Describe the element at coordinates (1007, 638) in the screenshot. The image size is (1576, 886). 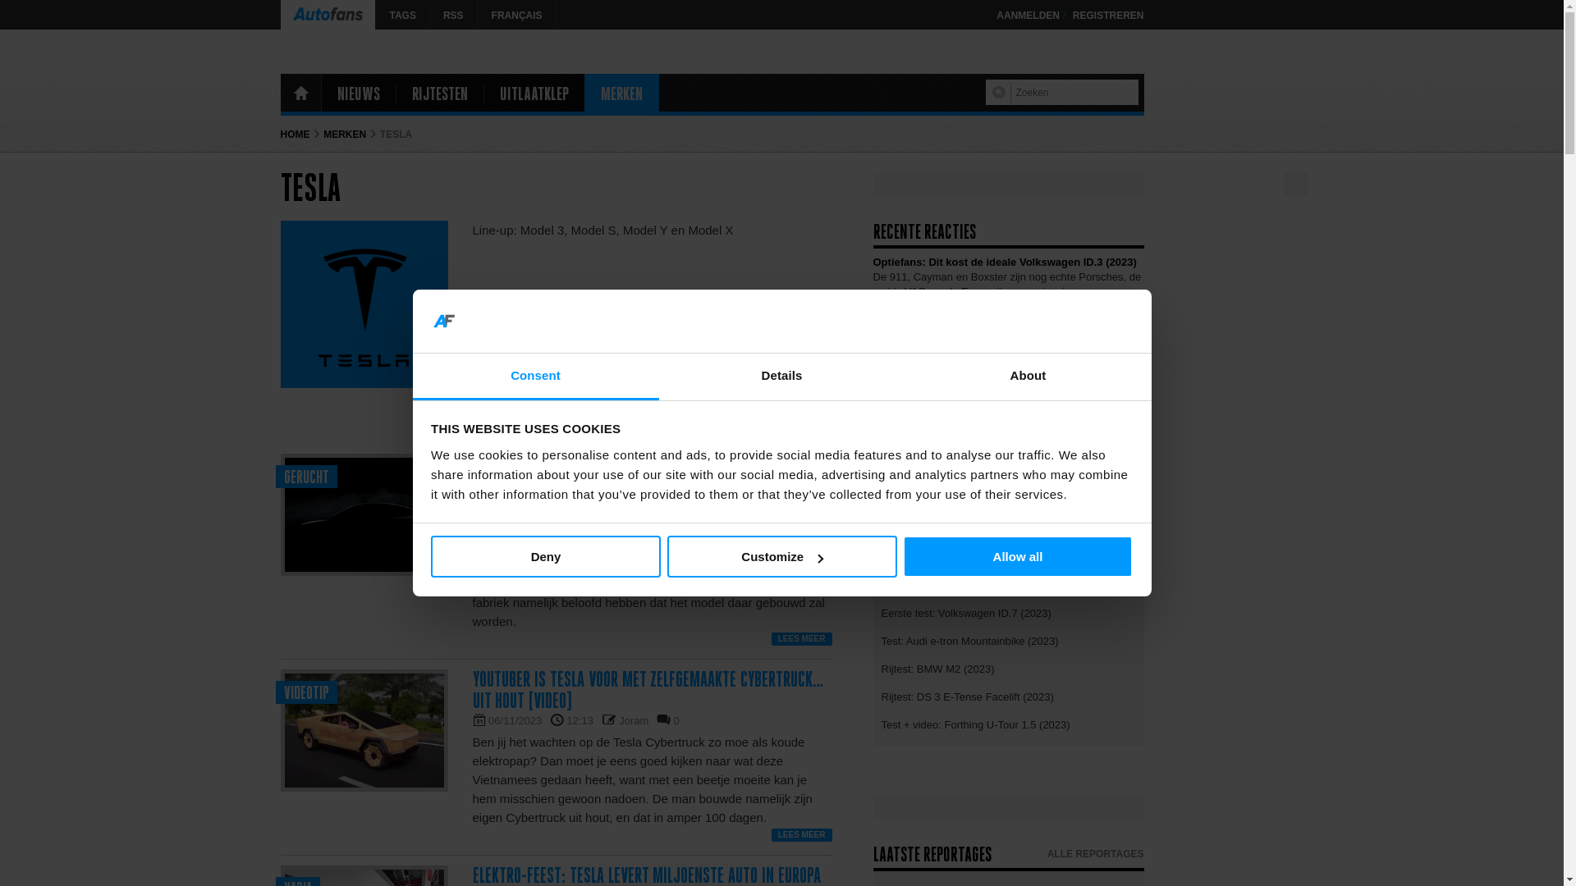
I see `'Test: Audi e-tron Mountainbike (2023)'` at that location.